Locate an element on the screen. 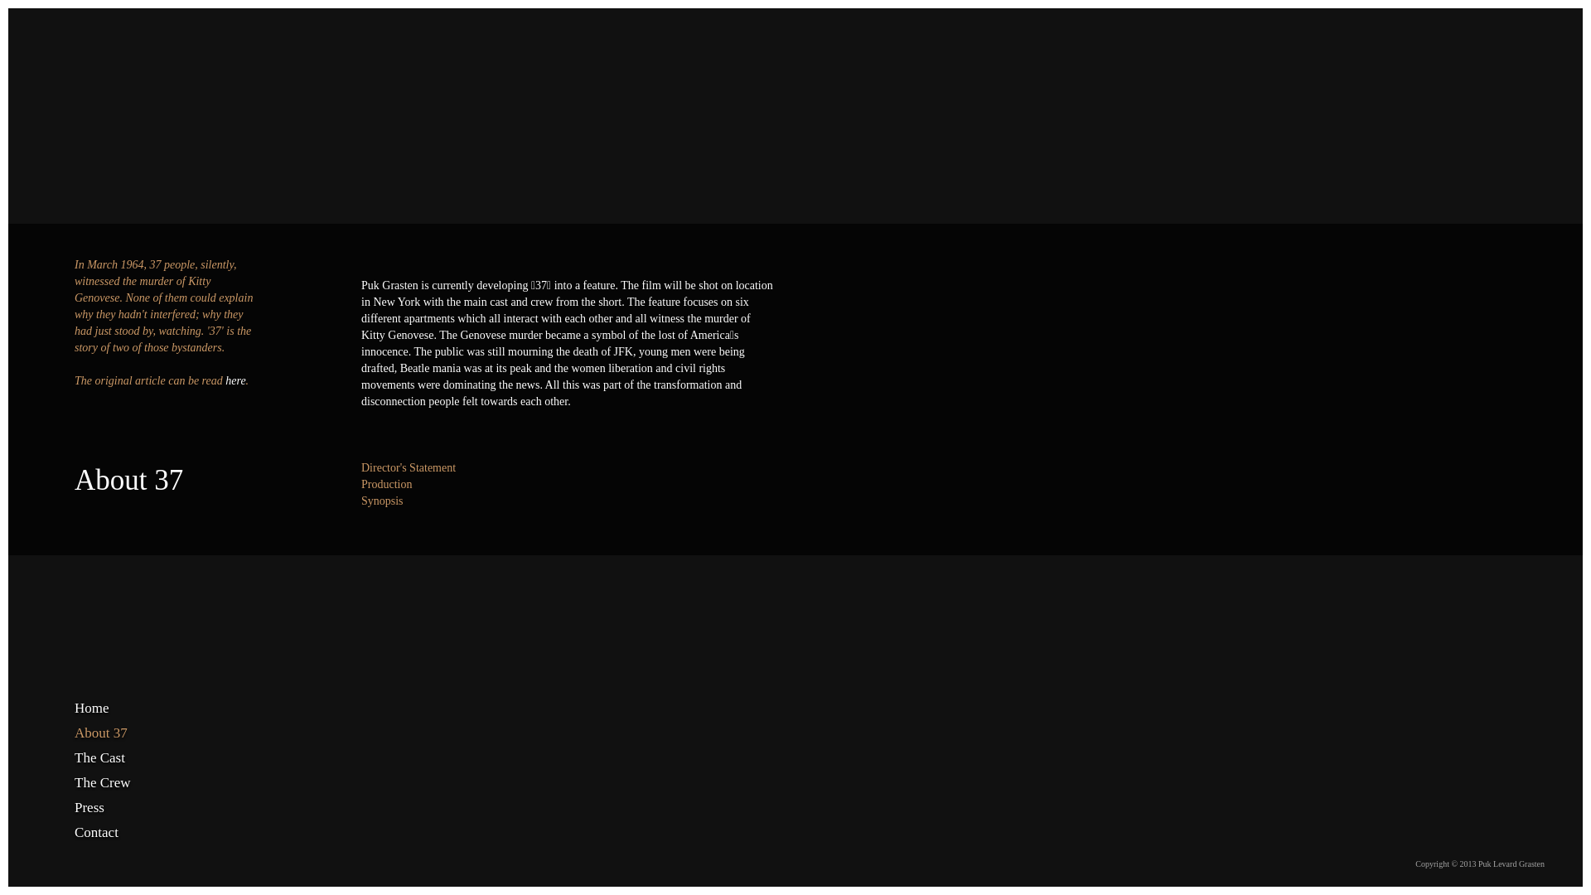 This screenshot has height=895, width=1591. 'Director's Statement' is located at coordinates (409, 467).